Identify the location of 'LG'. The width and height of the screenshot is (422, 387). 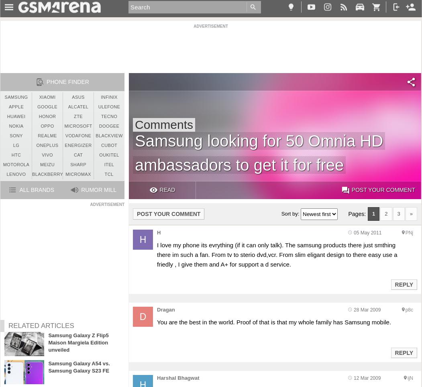
(16, 145).